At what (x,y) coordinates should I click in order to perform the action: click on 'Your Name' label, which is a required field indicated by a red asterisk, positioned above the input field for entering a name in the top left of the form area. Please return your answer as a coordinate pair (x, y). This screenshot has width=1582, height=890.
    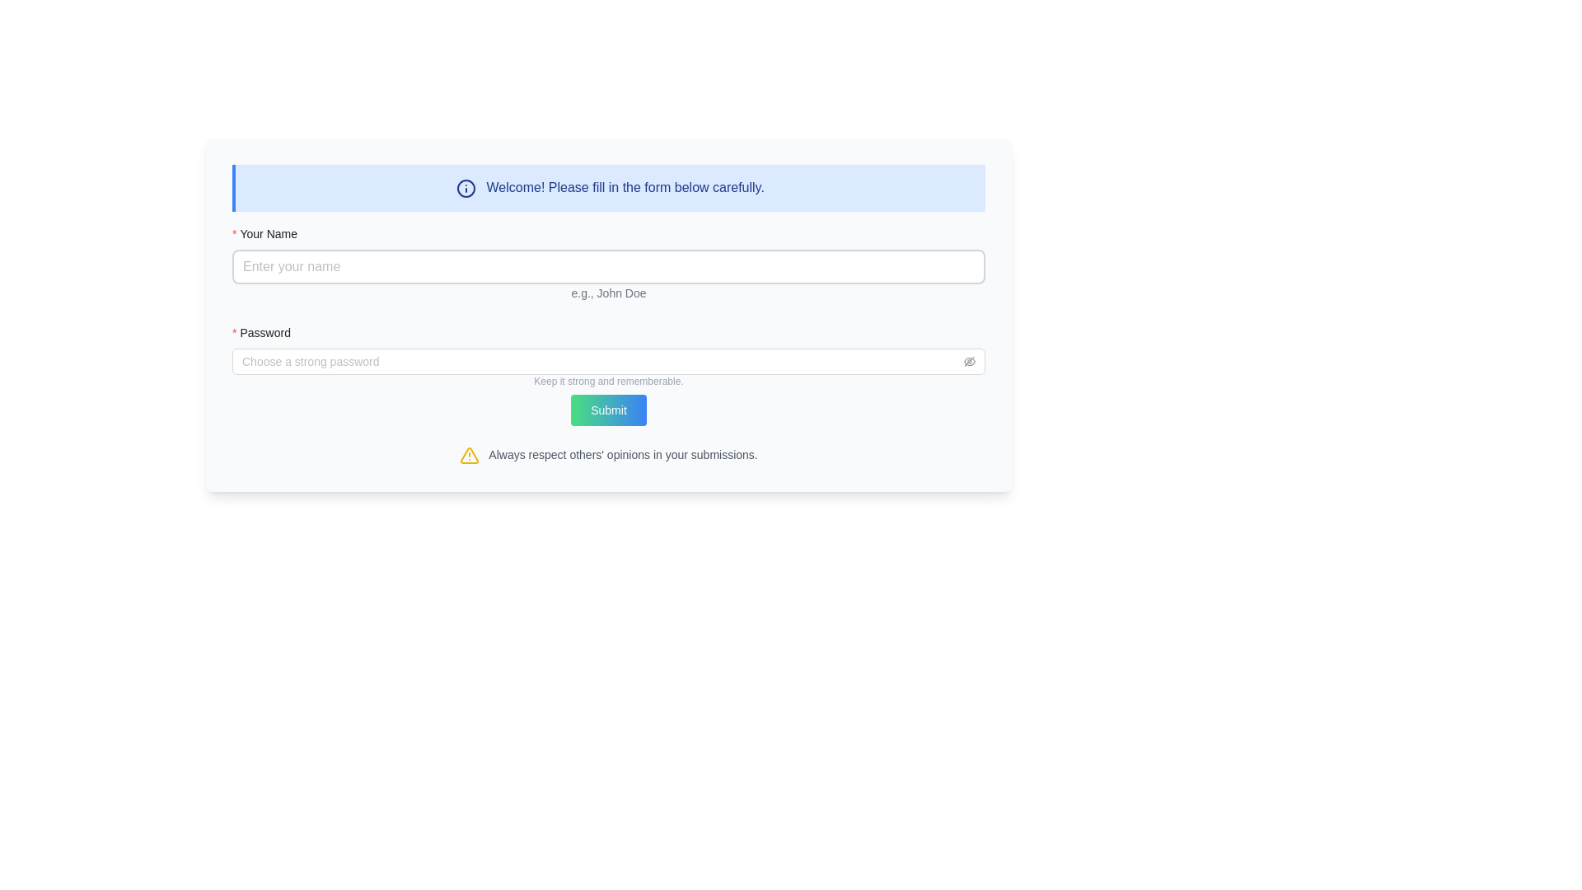
    Looking at the image, I should click on (270, 233).